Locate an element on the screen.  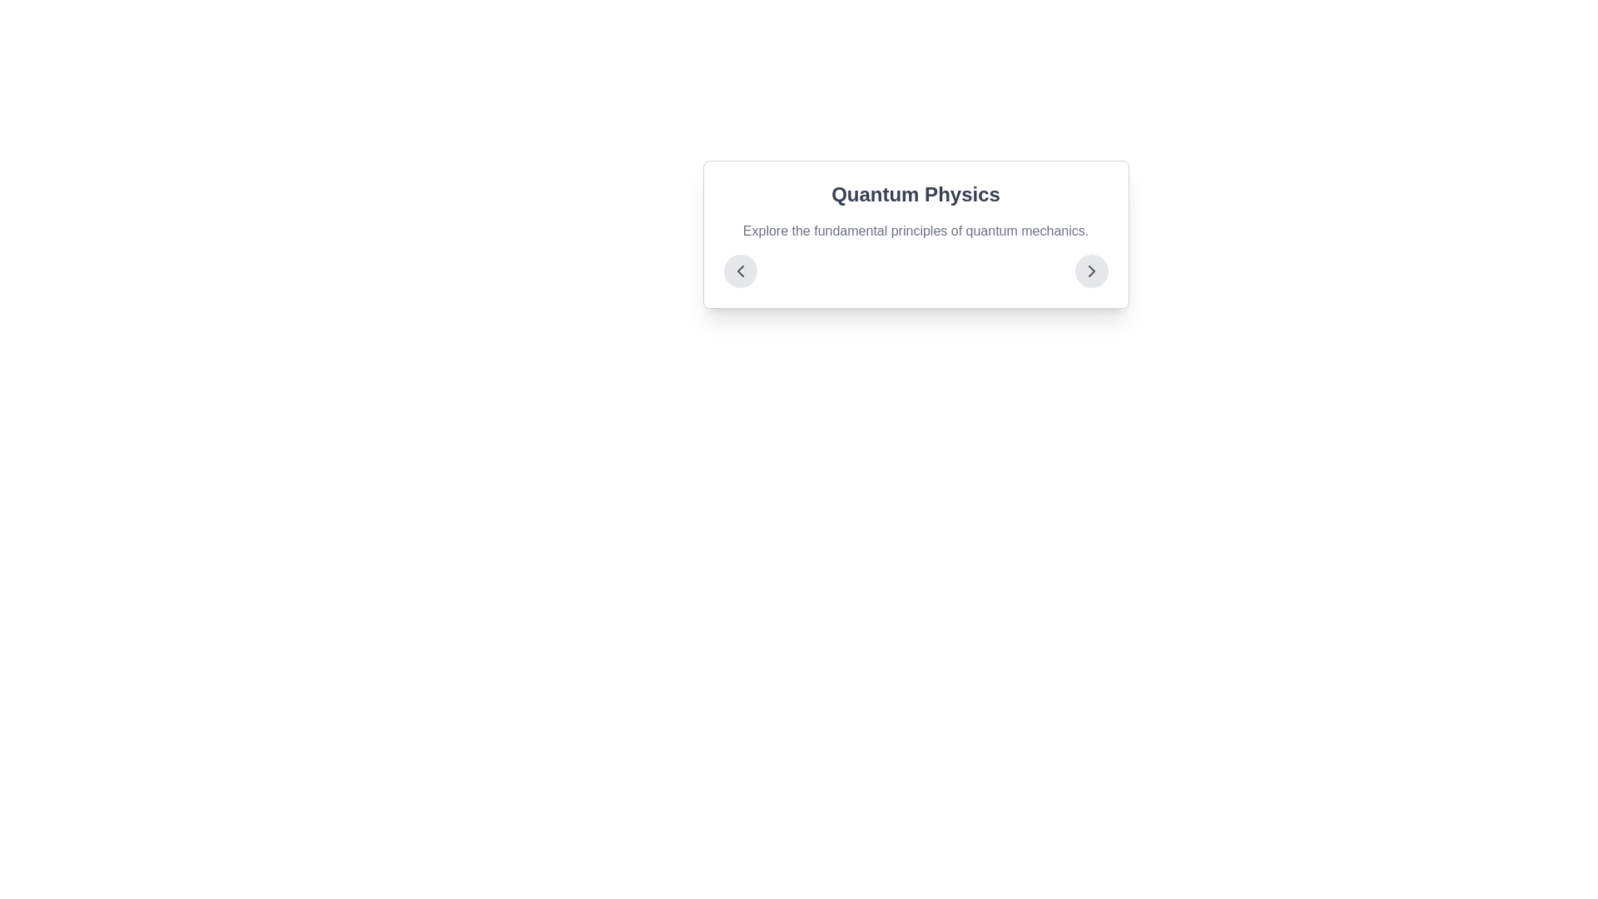
the chevron arrow icon within the circular button located at the bottom-right of the card layout is located at coordinates (1091, 271).